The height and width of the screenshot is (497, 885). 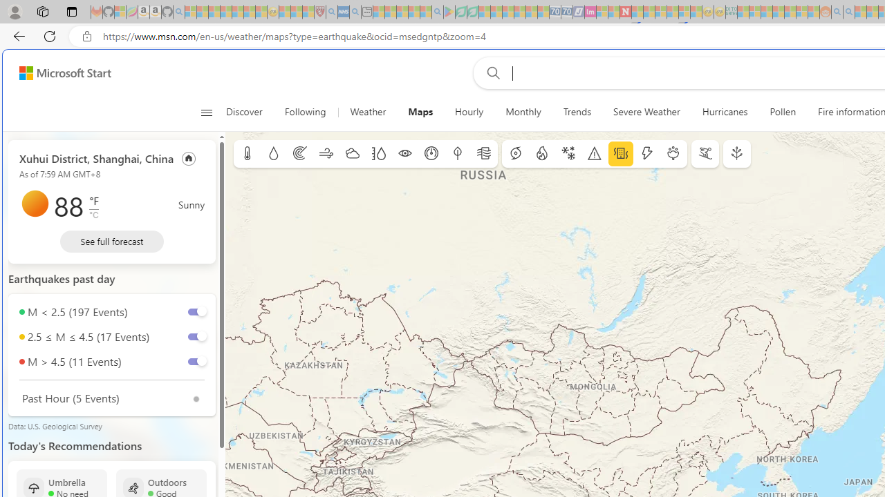 What do you see at coordinates (205, 112) in the screenshot?
I see `'Open navigation menu'` at bounding box center [205, 112].